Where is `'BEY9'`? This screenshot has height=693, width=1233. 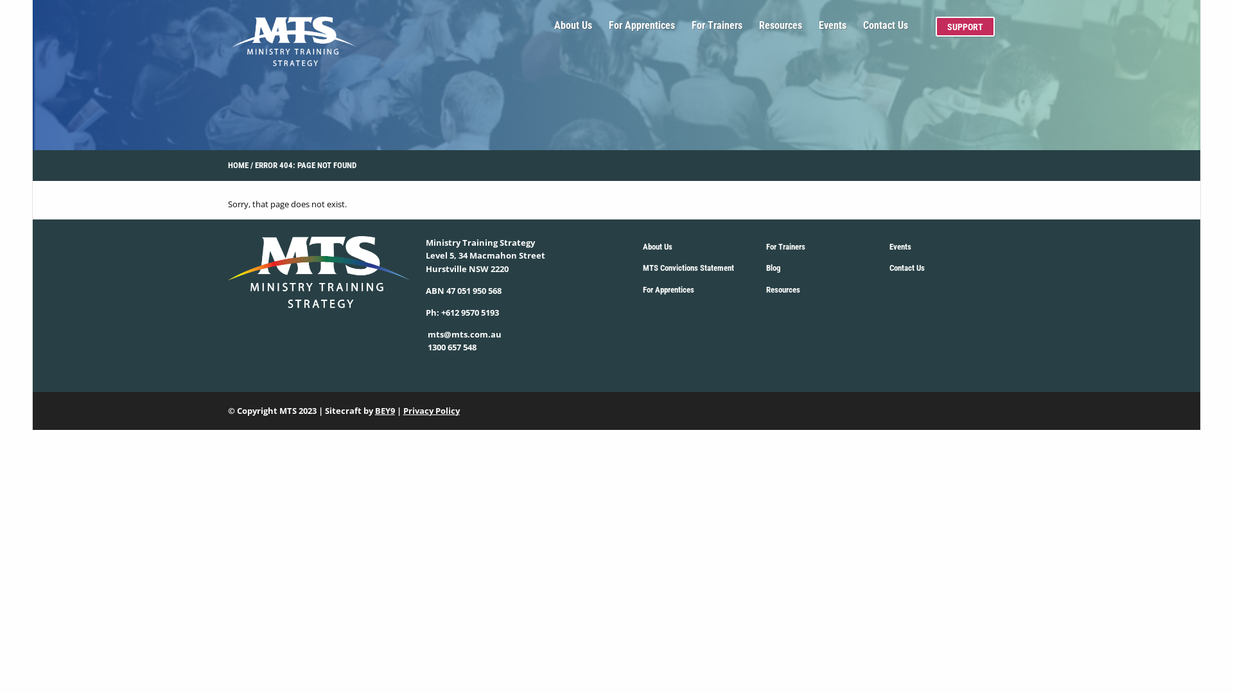 'BEY9' is located at coordinates (374, 411).